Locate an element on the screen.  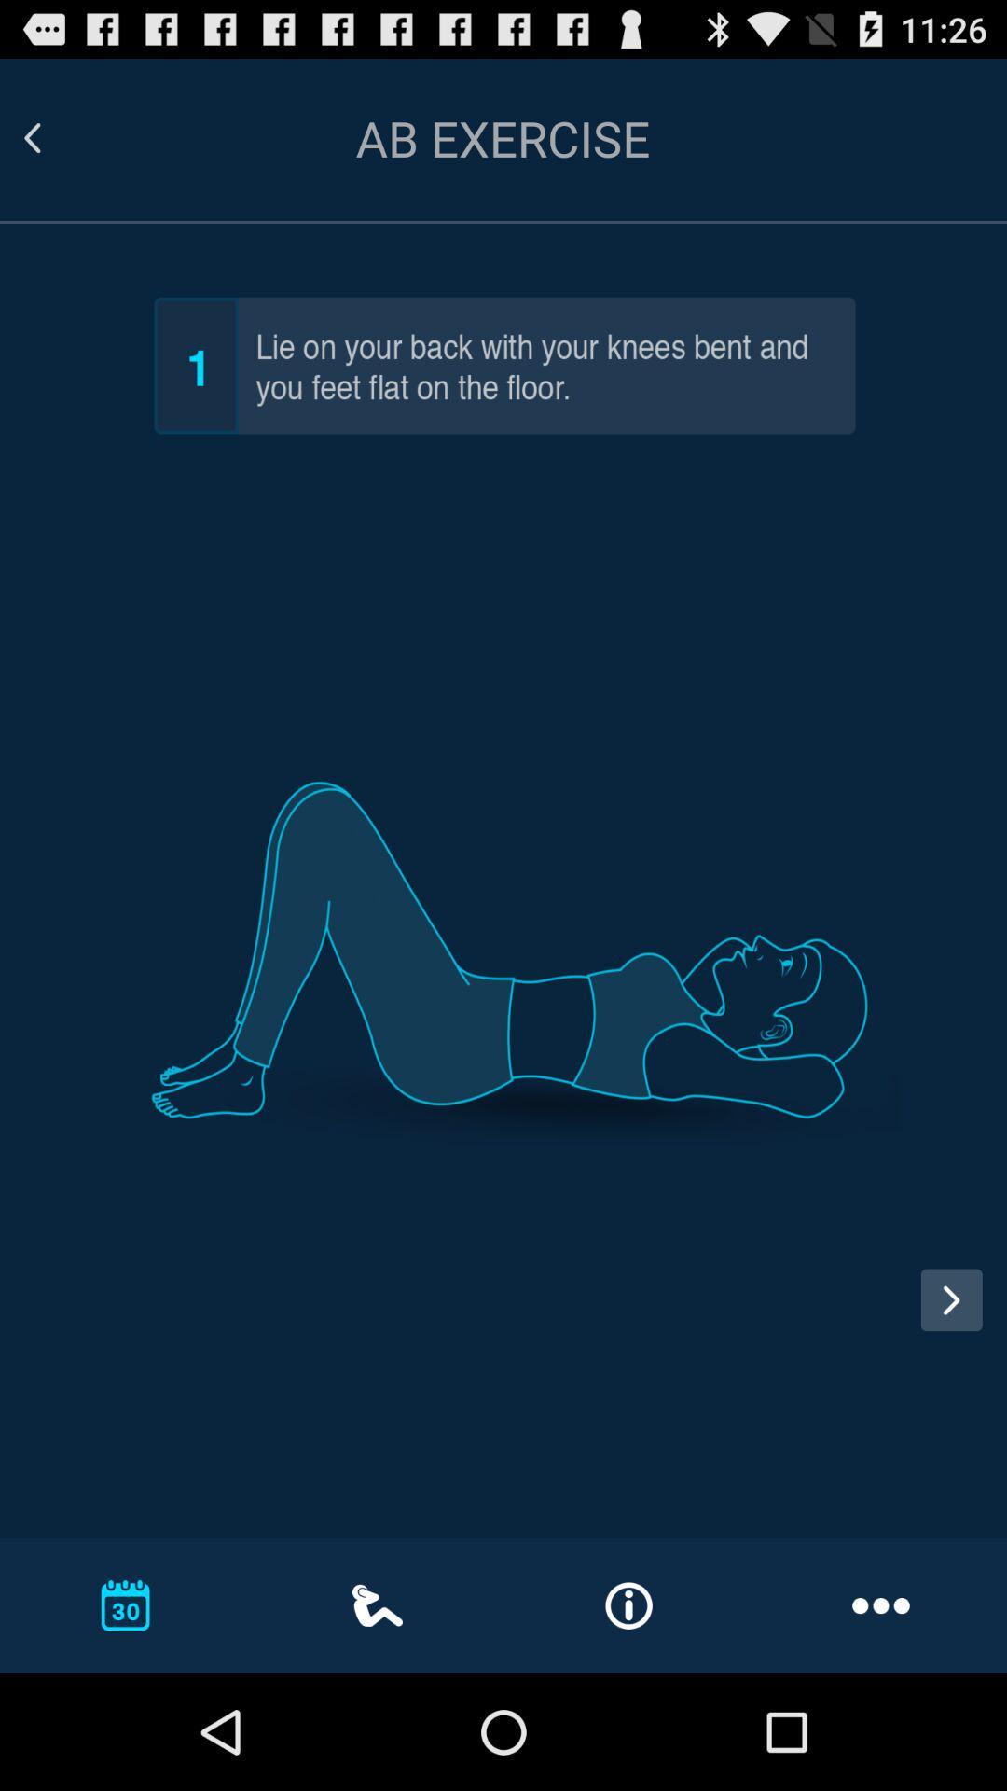
next pose is located at coordinates (951, 1298).